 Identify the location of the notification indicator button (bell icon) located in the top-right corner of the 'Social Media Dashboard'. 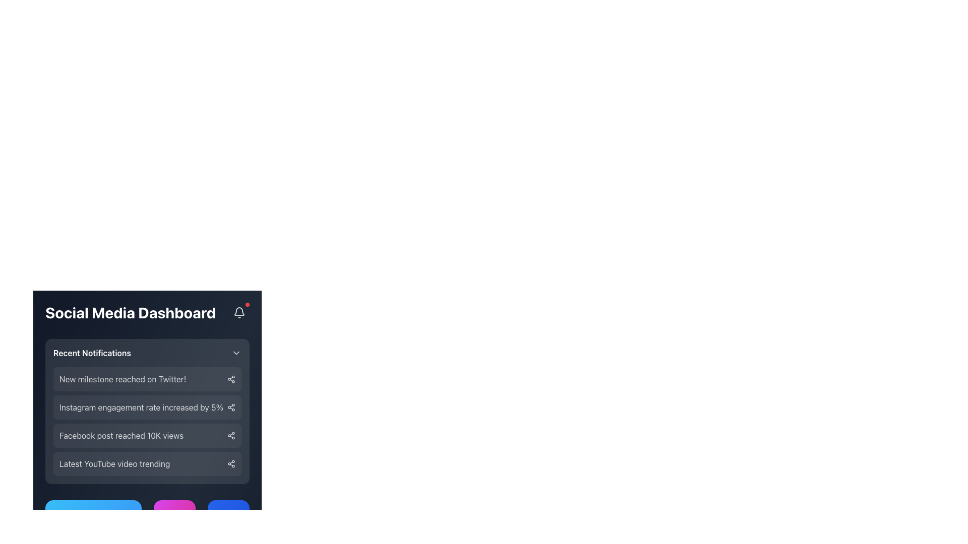
(239, 312).